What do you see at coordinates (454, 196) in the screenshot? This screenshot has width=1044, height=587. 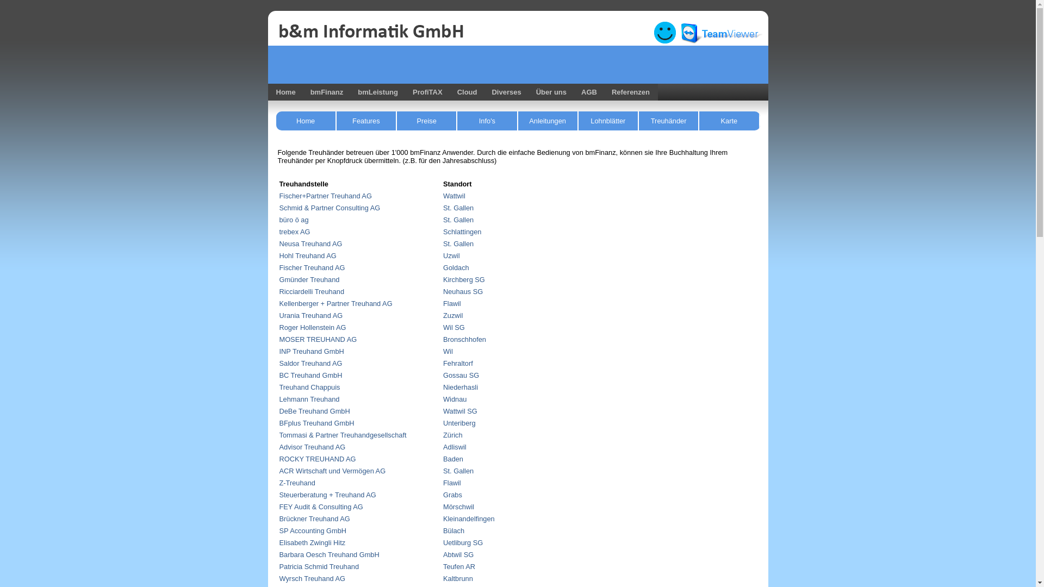 I see `'Wattwil'` at bounding box center [454, 196].